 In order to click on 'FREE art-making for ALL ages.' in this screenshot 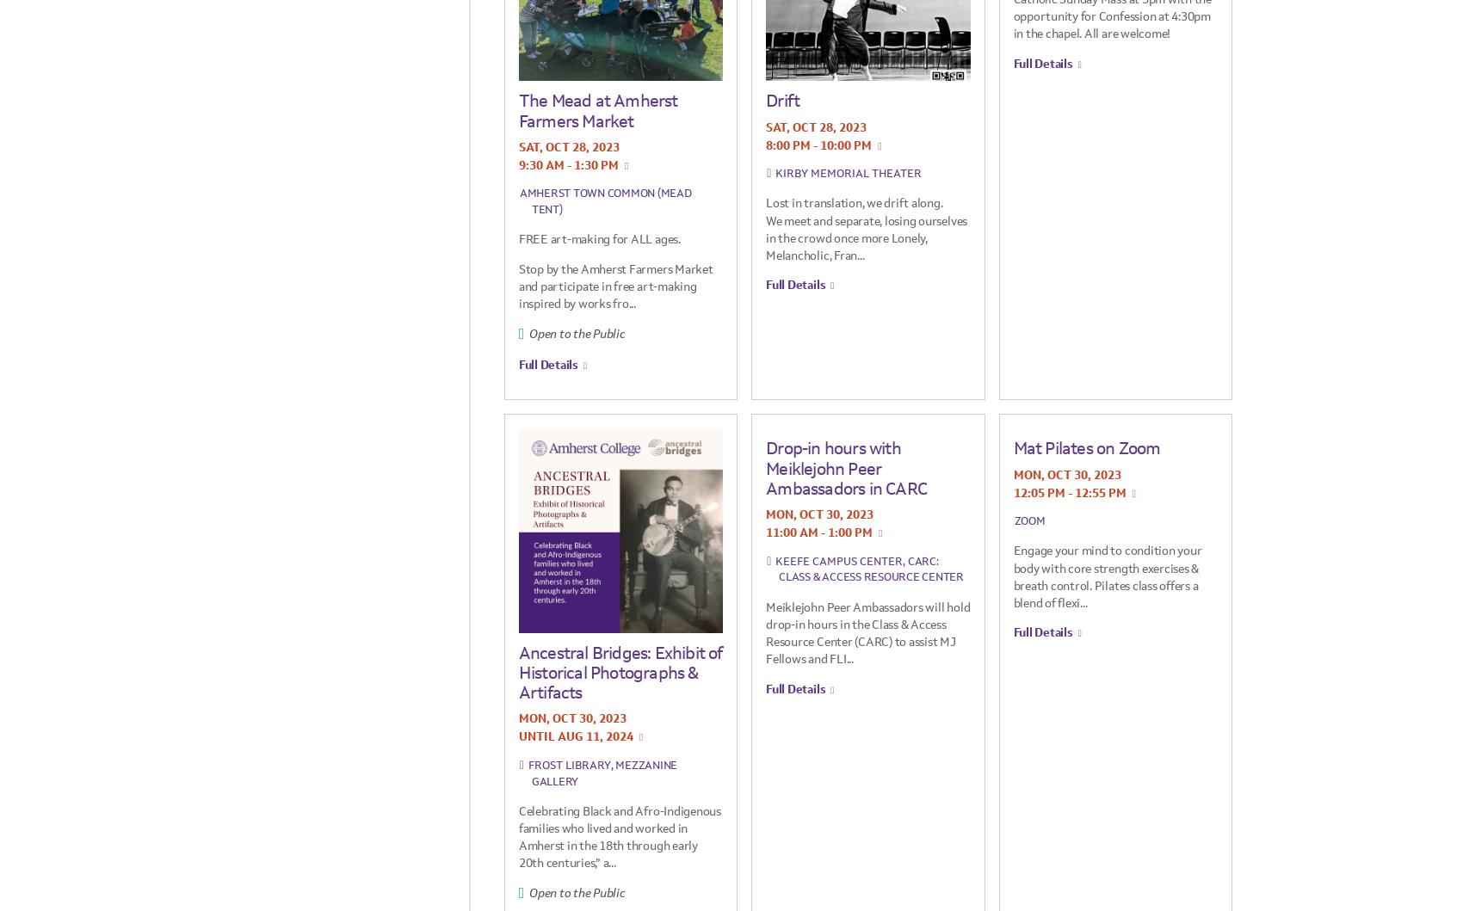, I will do `click(598, 238)`.